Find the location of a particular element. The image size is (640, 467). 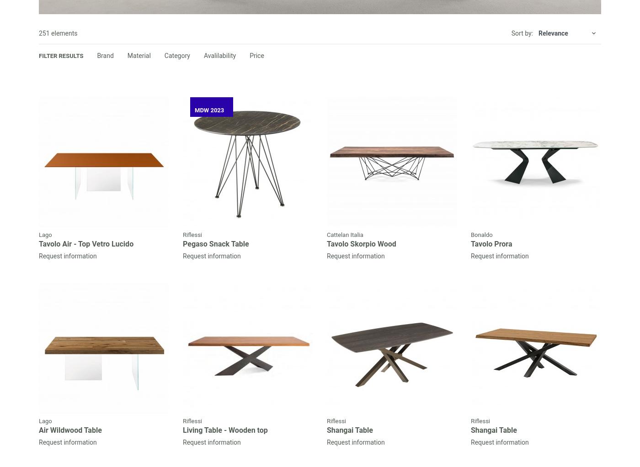

'Sort by:' is located at coordinates (511, 32).